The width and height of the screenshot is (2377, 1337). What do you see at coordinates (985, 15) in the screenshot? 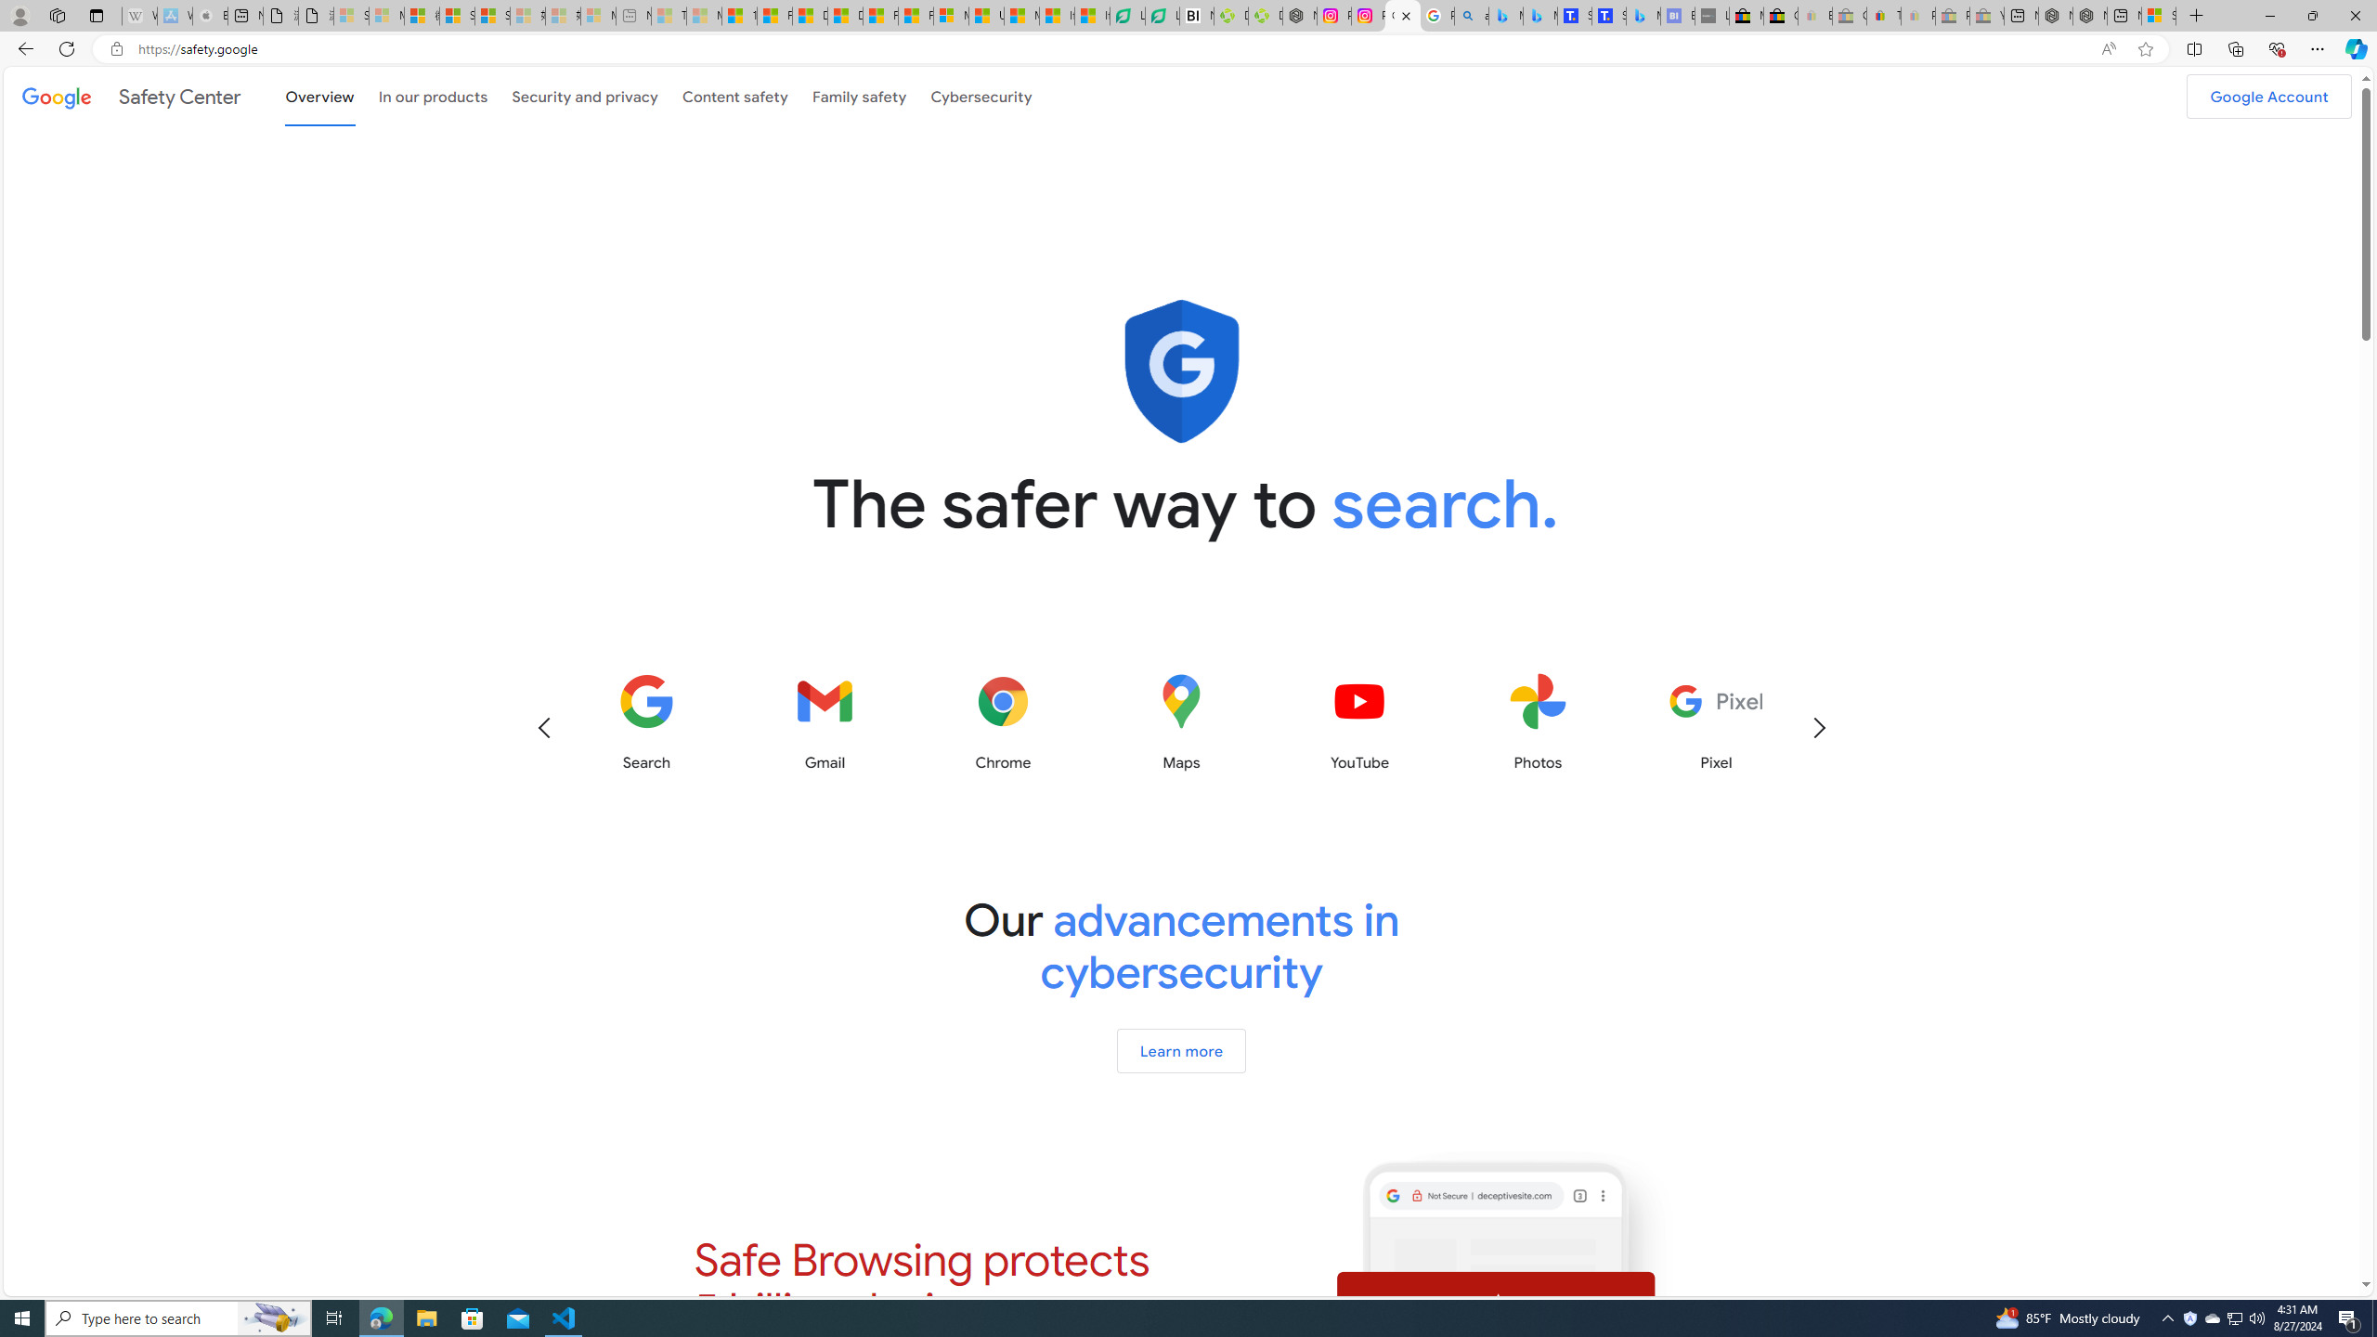
I see `'US Heat Deaths Soared To Record High Last Year'` at bounding box center [985, 15].